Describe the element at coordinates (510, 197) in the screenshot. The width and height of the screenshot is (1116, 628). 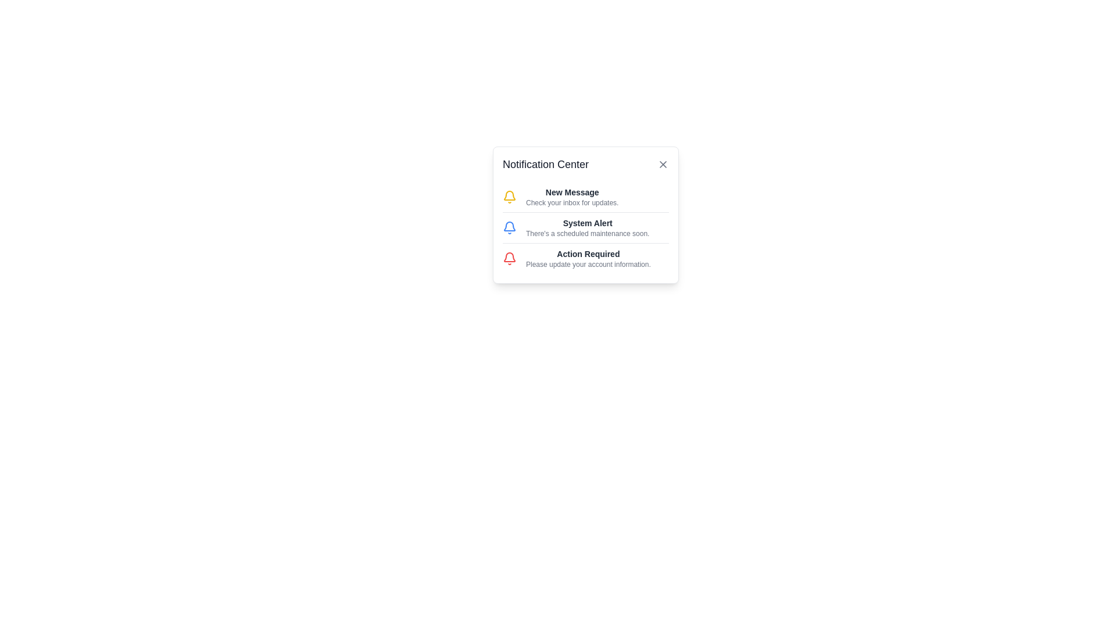
I see `the bell icon indicating a 'New Message' notification in the Notification Center menu, located on the left side of the notification item` at that location.